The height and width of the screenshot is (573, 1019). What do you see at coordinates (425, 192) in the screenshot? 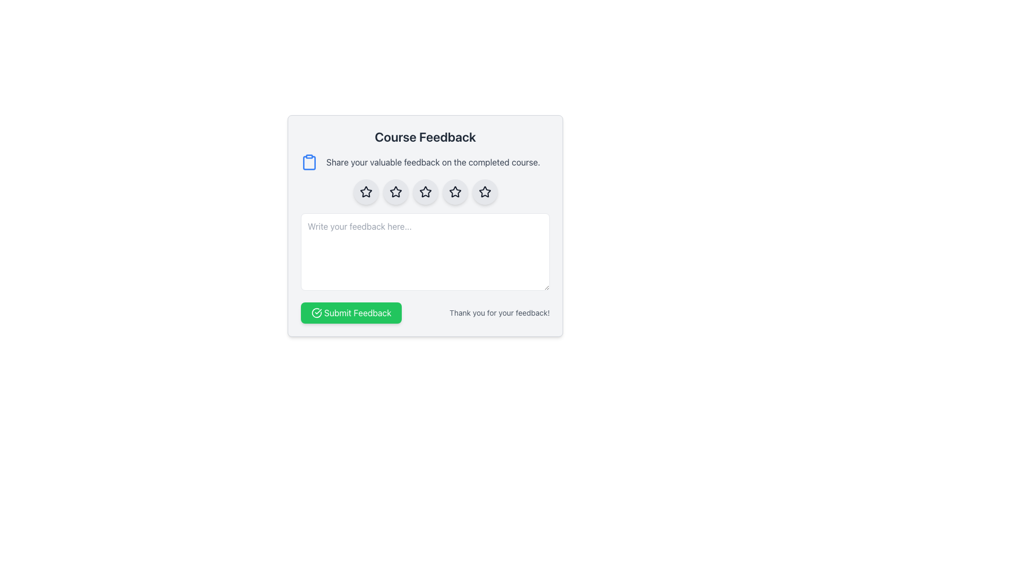
I see `the third star icon in the SVG-based rating group` at bounding box center [425, 192].